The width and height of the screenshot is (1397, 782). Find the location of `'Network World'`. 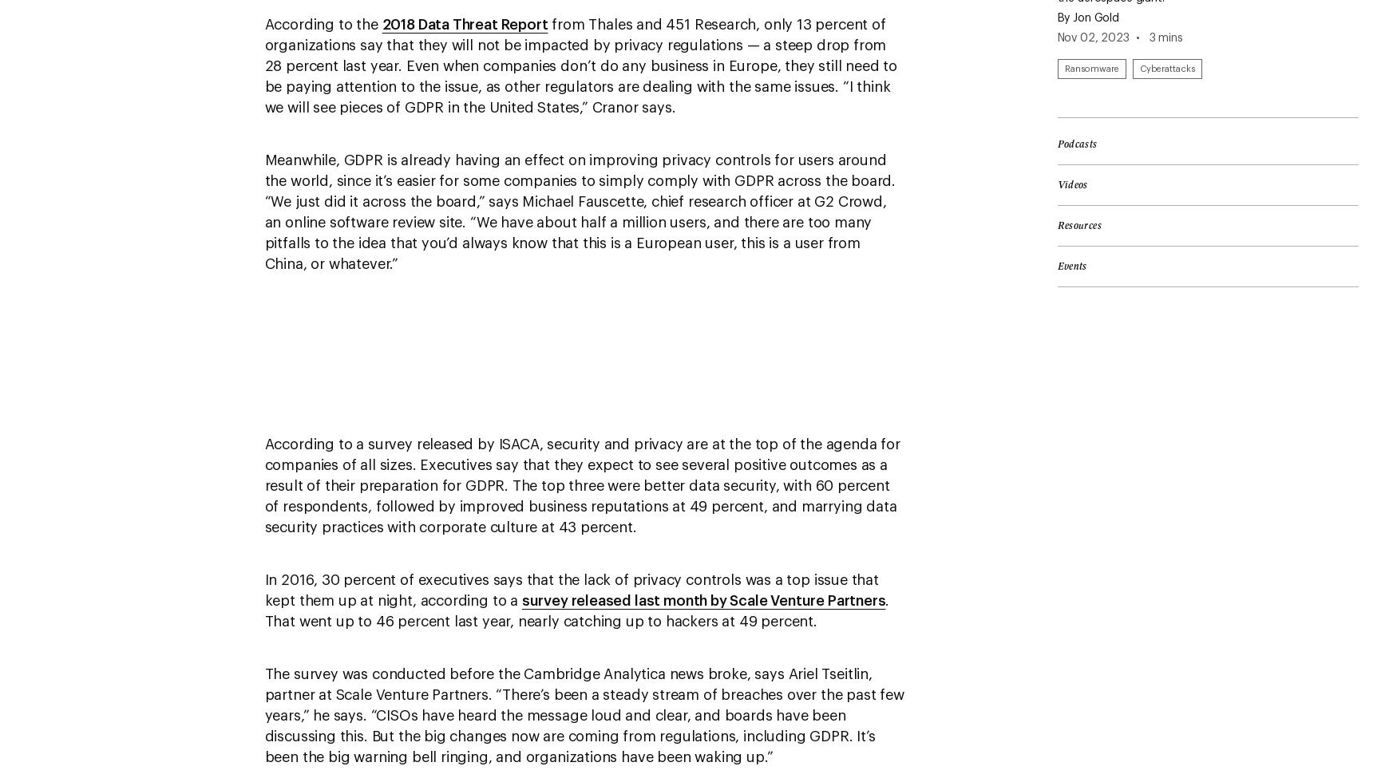

'Network World' is located at coordinates (755, 8).